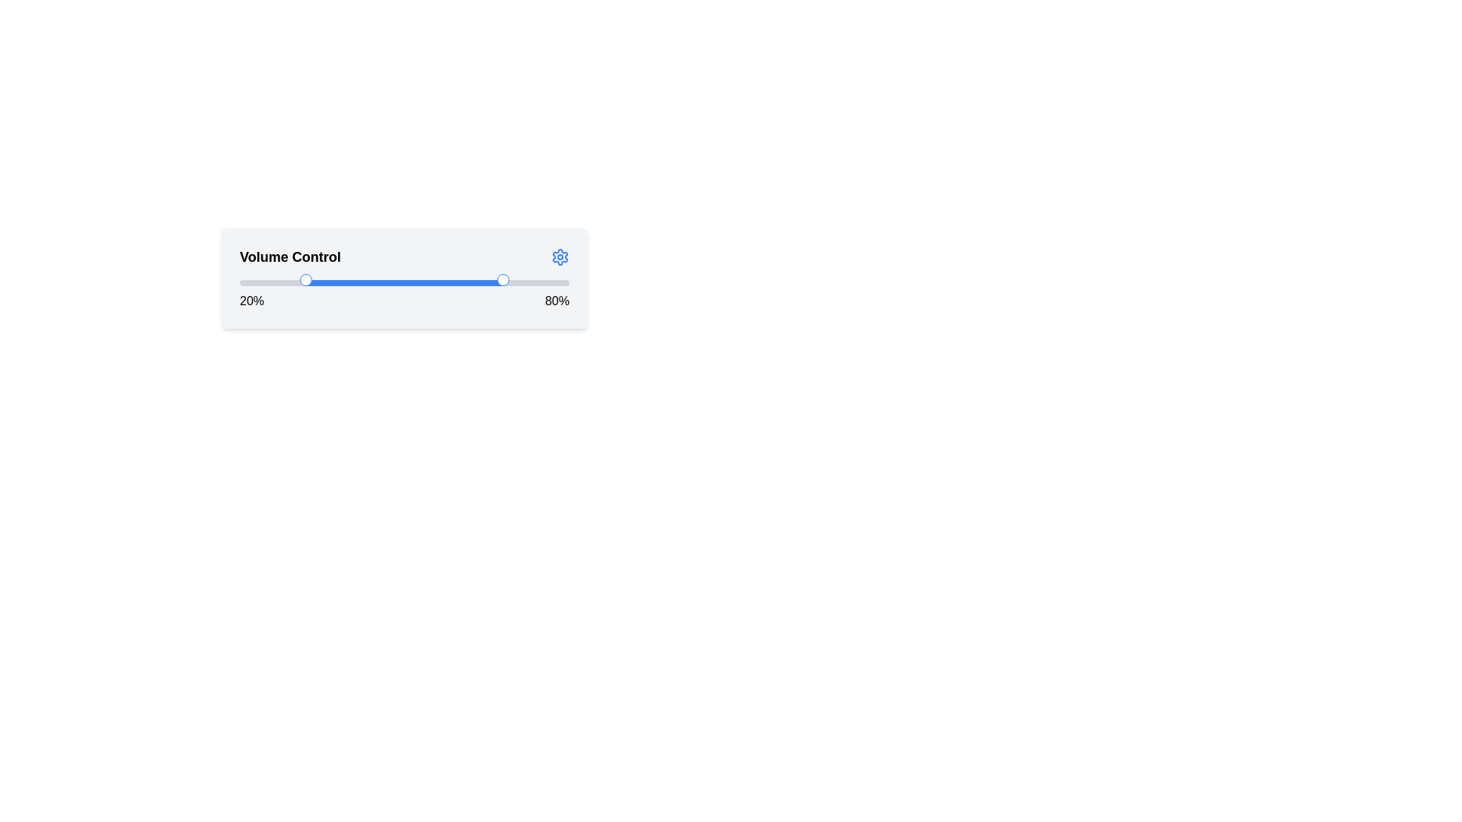 This screenshot has height=822, width=1462. What do you see at coordinates (305, 279) in the screenshot?
I see `the slider indicator that represents the current position at the 20% mark of the volume or progress slider` at bounding box center [305, 279].